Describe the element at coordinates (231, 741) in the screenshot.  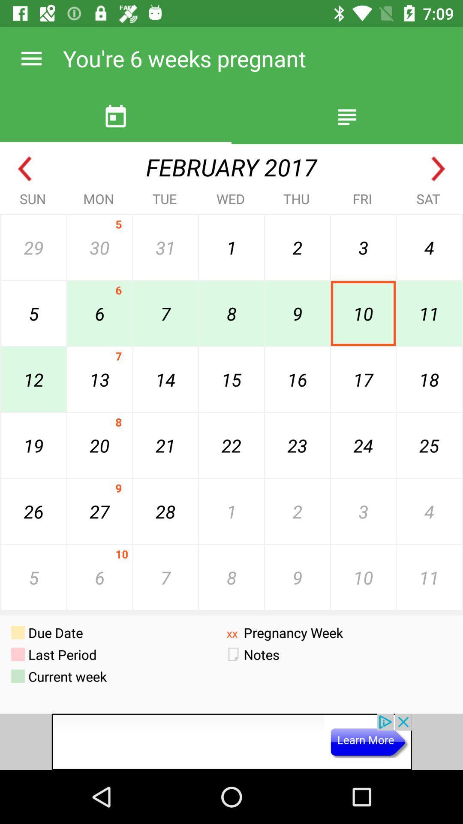
I see `google advertisements` at that location.